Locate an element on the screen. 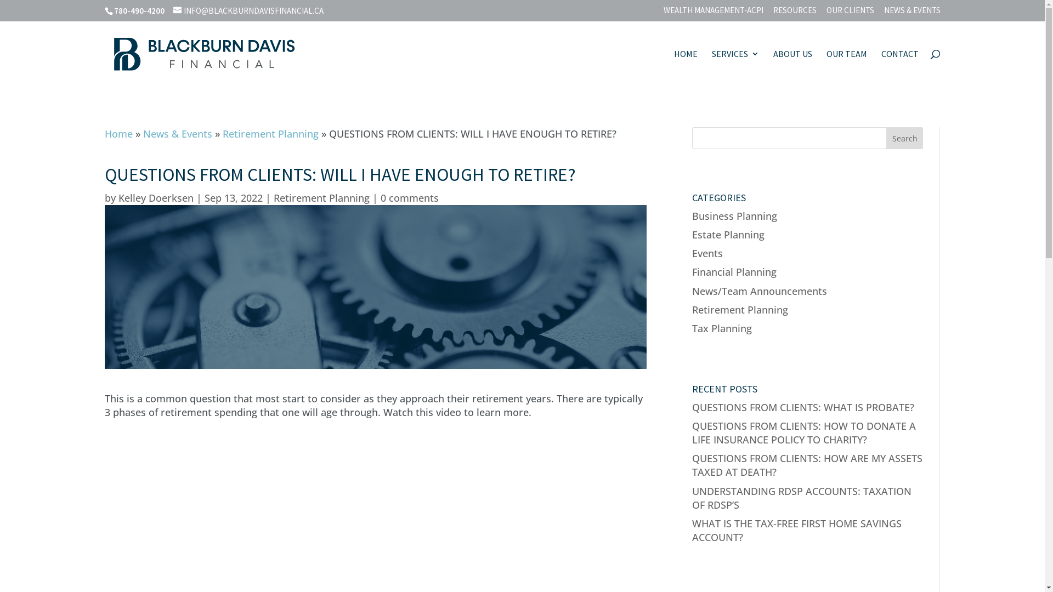 The image size is (1053, 592). 'NEWS & EVENTS' is located at coordinates (912, 13).